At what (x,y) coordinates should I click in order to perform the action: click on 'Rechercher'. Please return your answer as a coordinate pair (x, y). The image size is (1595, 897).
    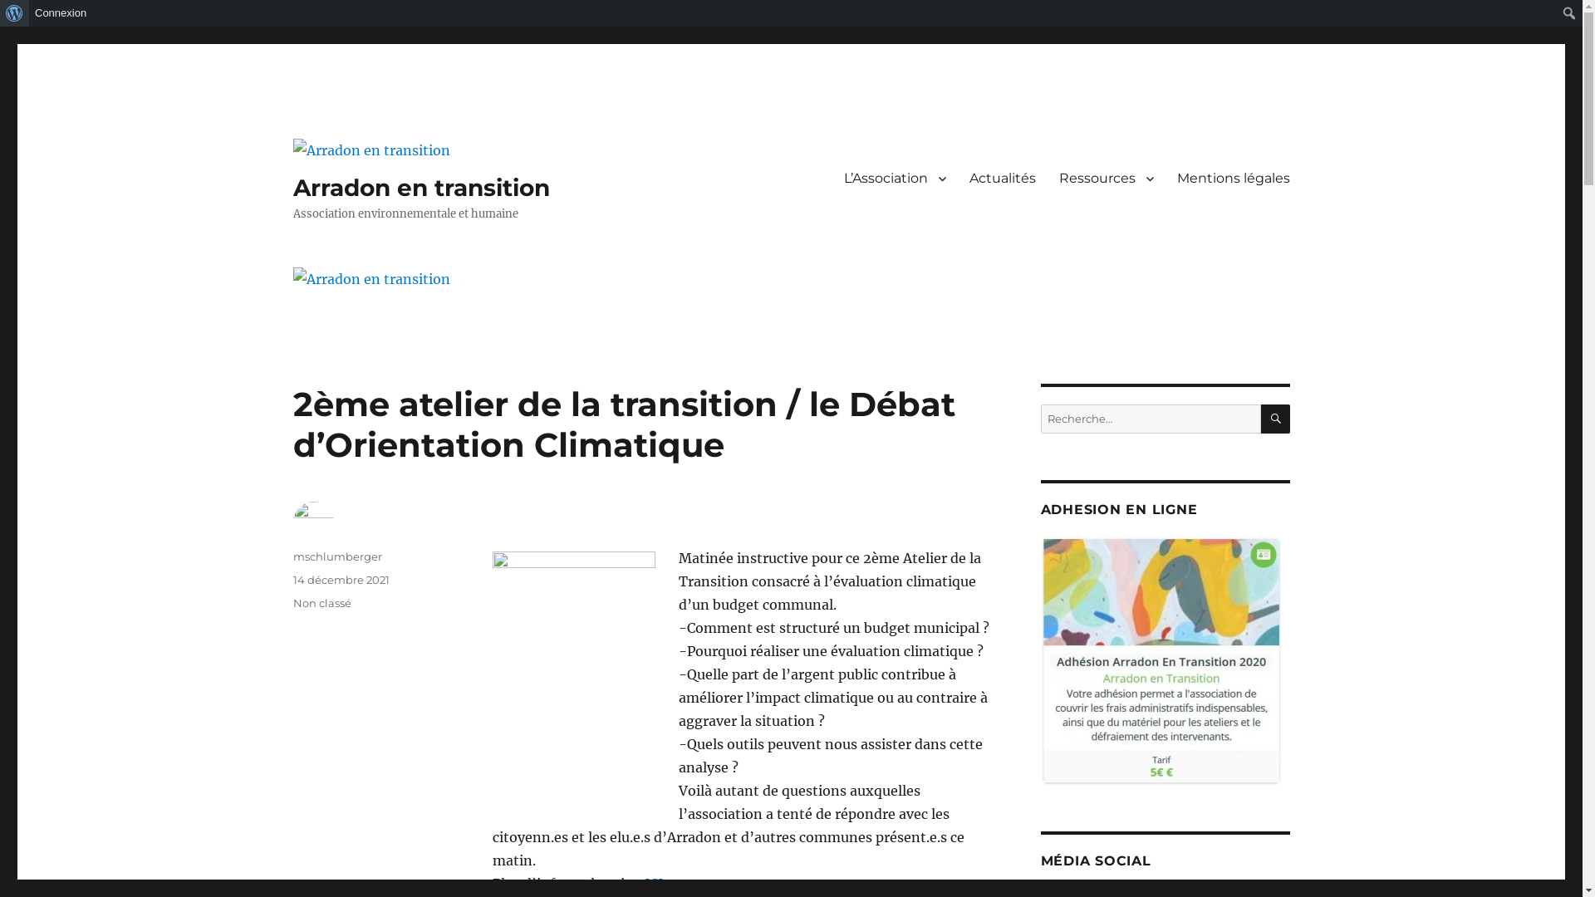
    Looking at the image, I should click on (12, 12).